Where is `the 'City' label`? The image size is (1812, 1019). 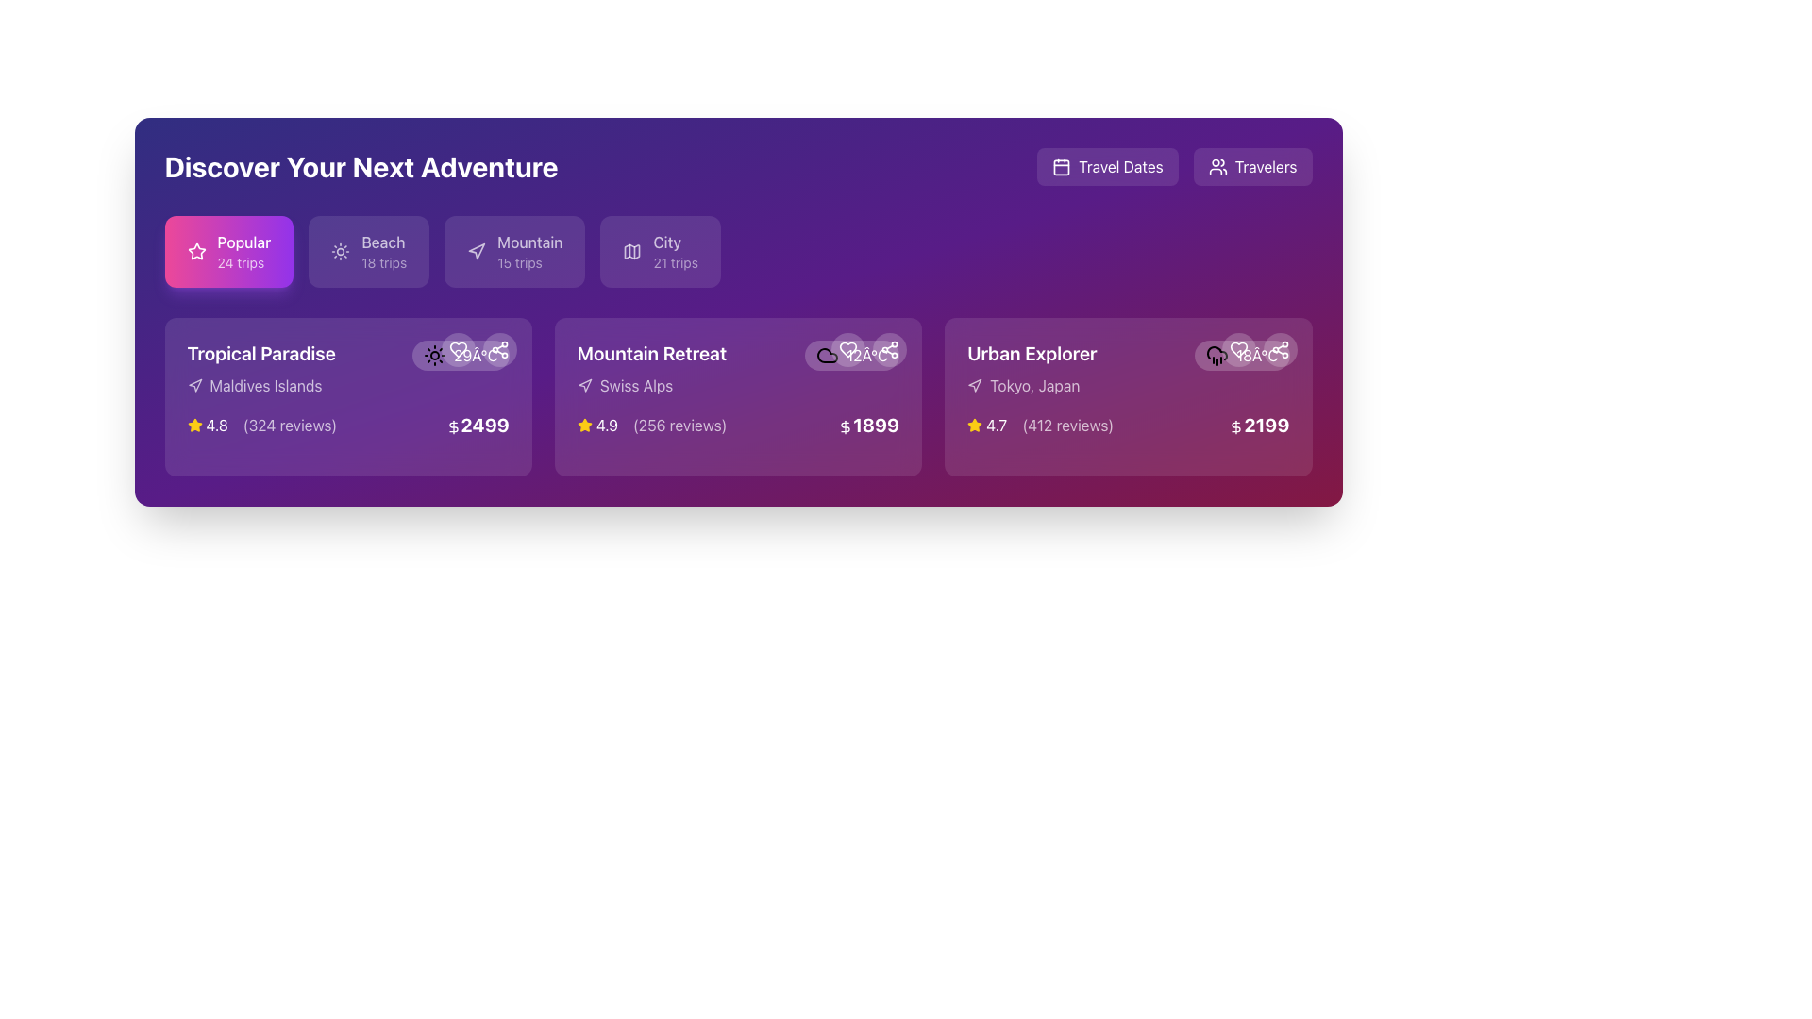 the 'City' label is located at coordinates (676, 250).